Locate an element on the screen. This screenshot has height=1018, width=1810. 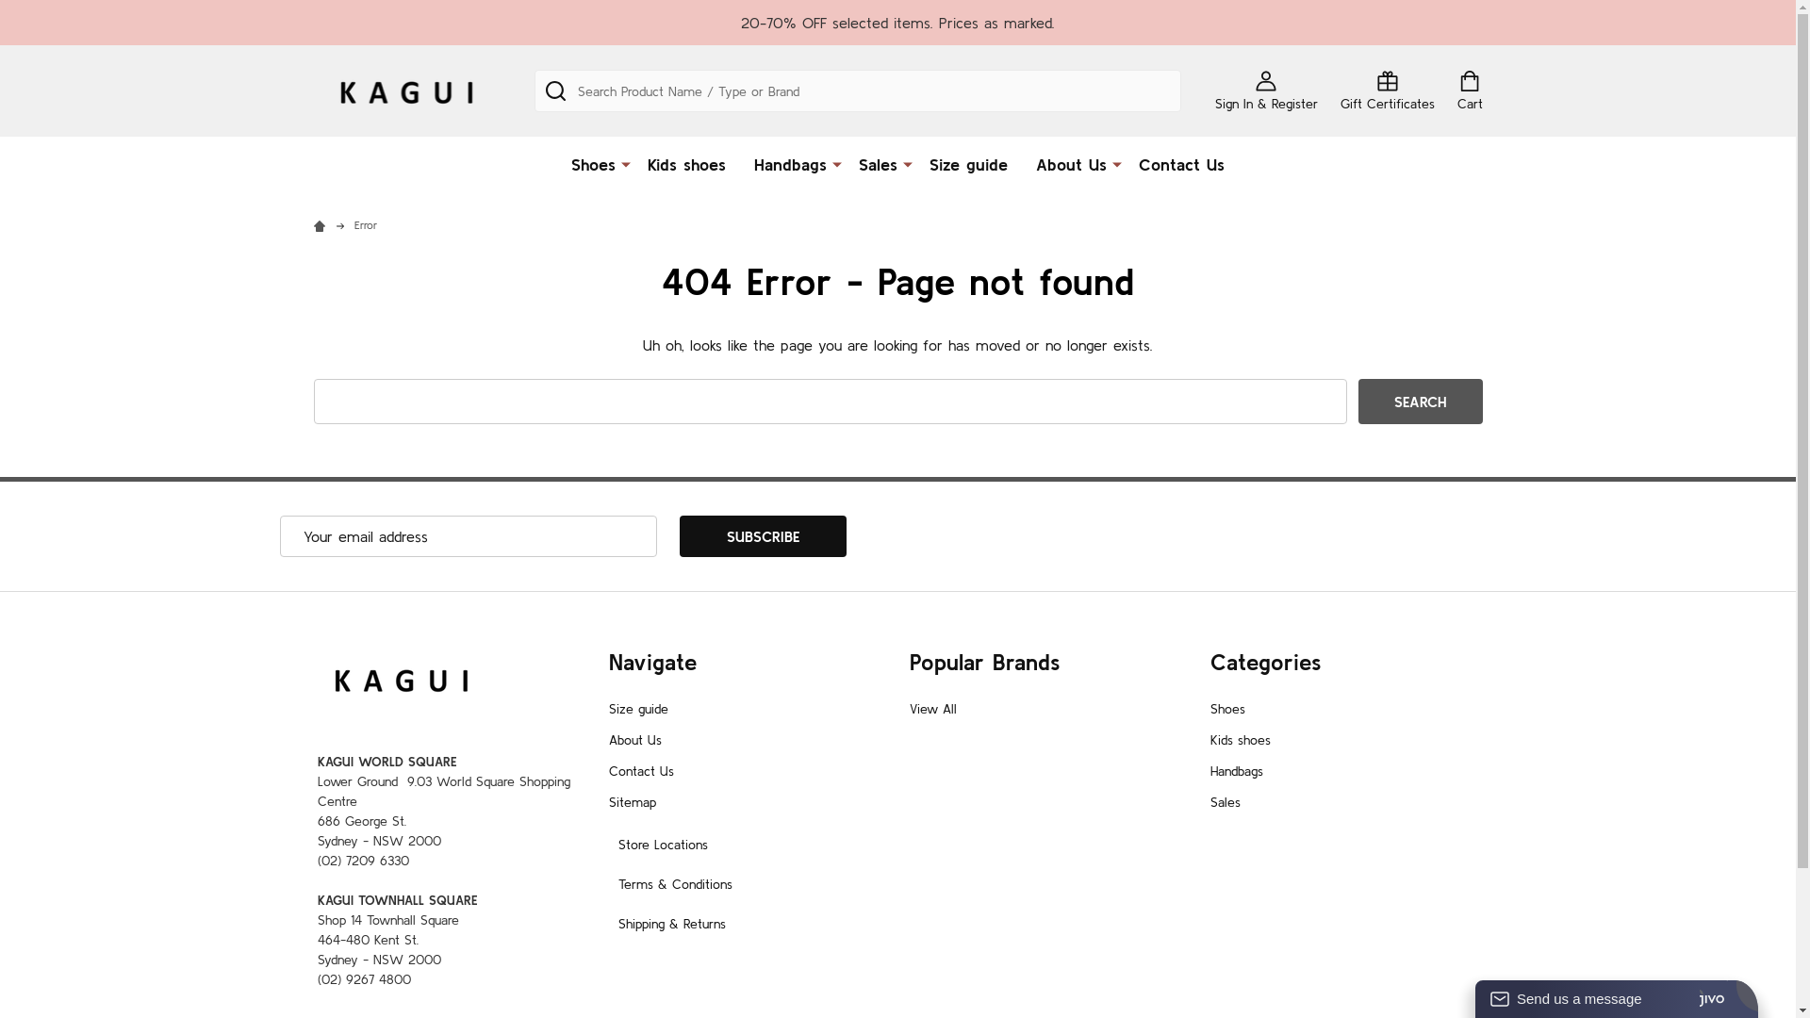
'Shipping & Returns' is located at coordinates (672, 922).